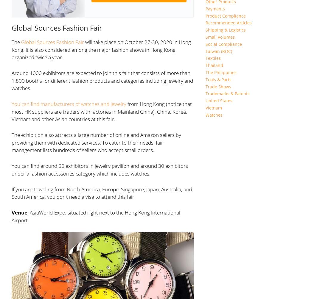 The width and height of the screenshot is (317, 299). Describe the element at coordinates (220, 37) in the screenshot. I see `'Small Volumes'` at that location.